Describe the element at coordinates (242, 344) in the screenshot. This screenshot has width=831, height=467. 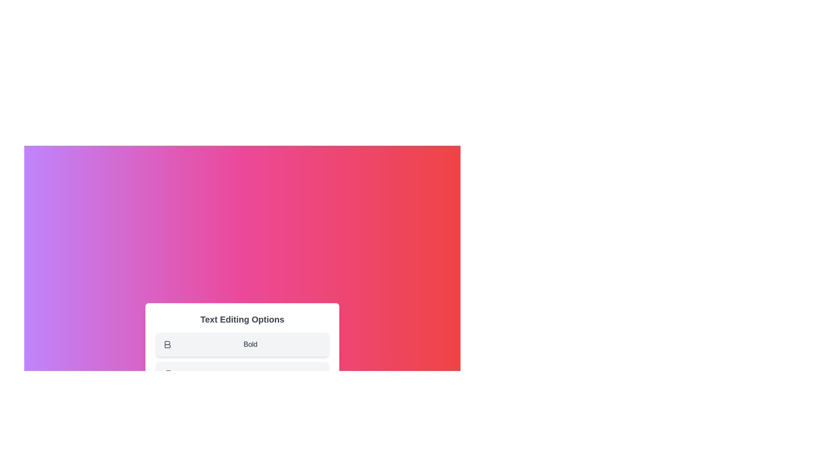
I see `the menu option Bold to observe the visual effect` at that location.